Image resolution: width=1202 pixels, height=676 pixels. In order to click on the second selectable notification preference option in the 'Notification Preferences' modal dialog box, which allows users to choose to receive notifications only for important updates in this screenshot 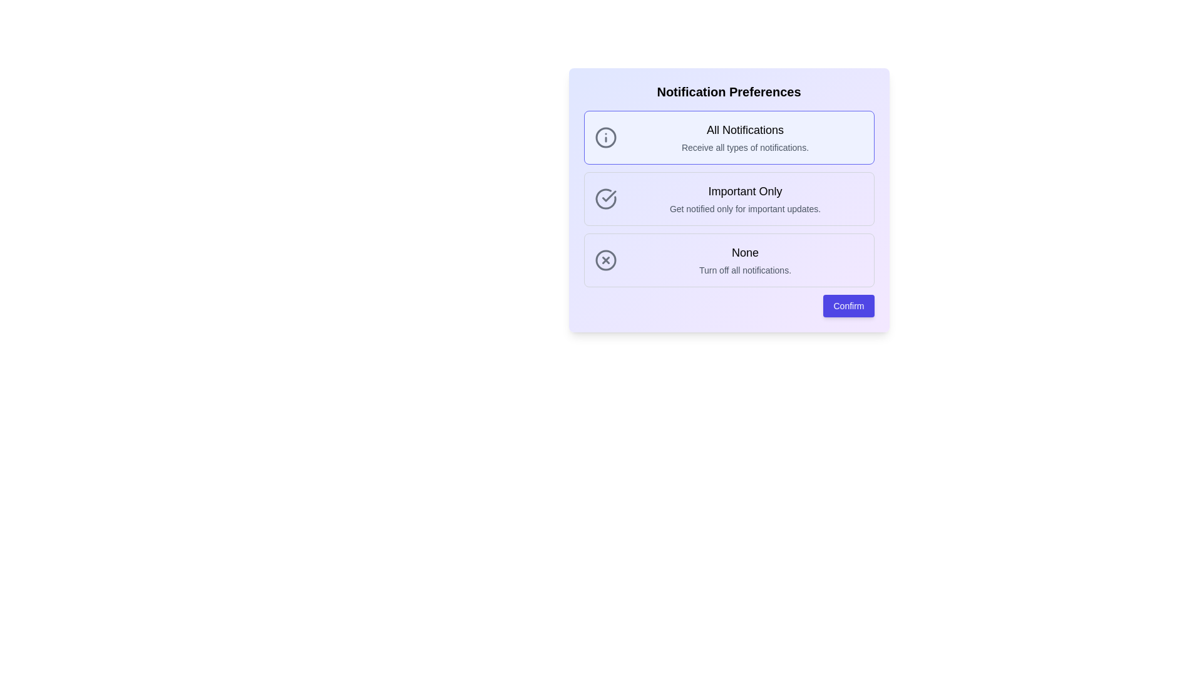, I will do `click(729, 198)`.